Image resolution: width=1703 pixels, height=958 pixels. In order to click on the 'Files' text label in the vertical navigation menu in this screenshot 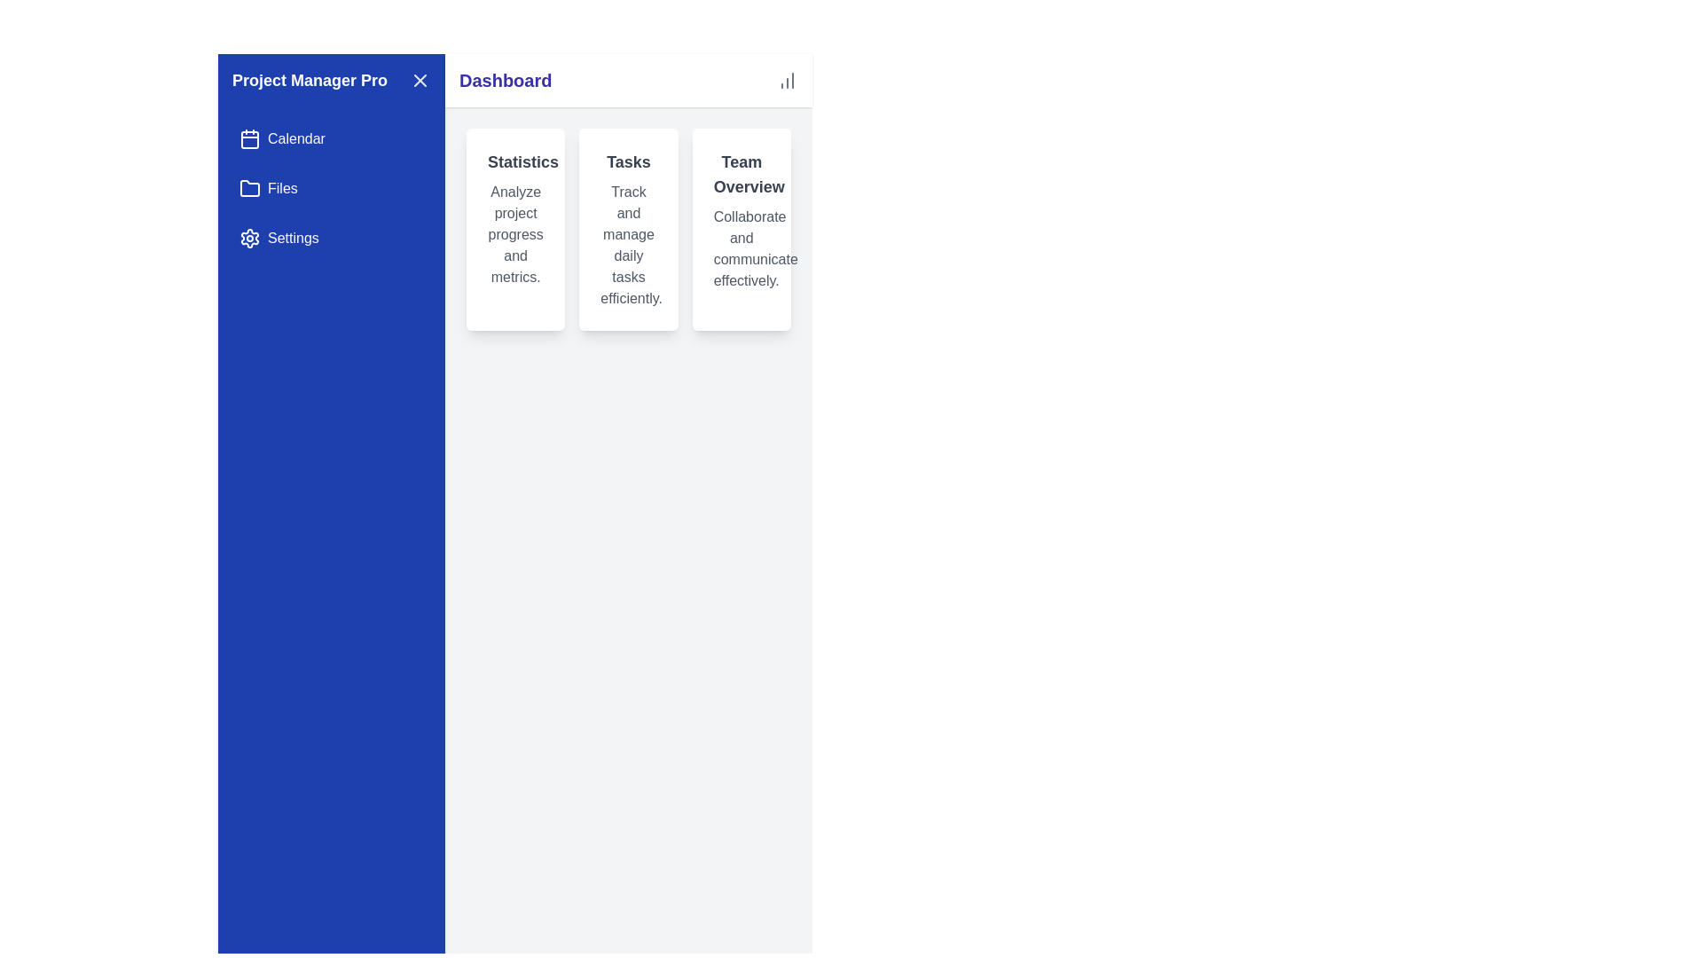, I will do `click(281, 188)`.